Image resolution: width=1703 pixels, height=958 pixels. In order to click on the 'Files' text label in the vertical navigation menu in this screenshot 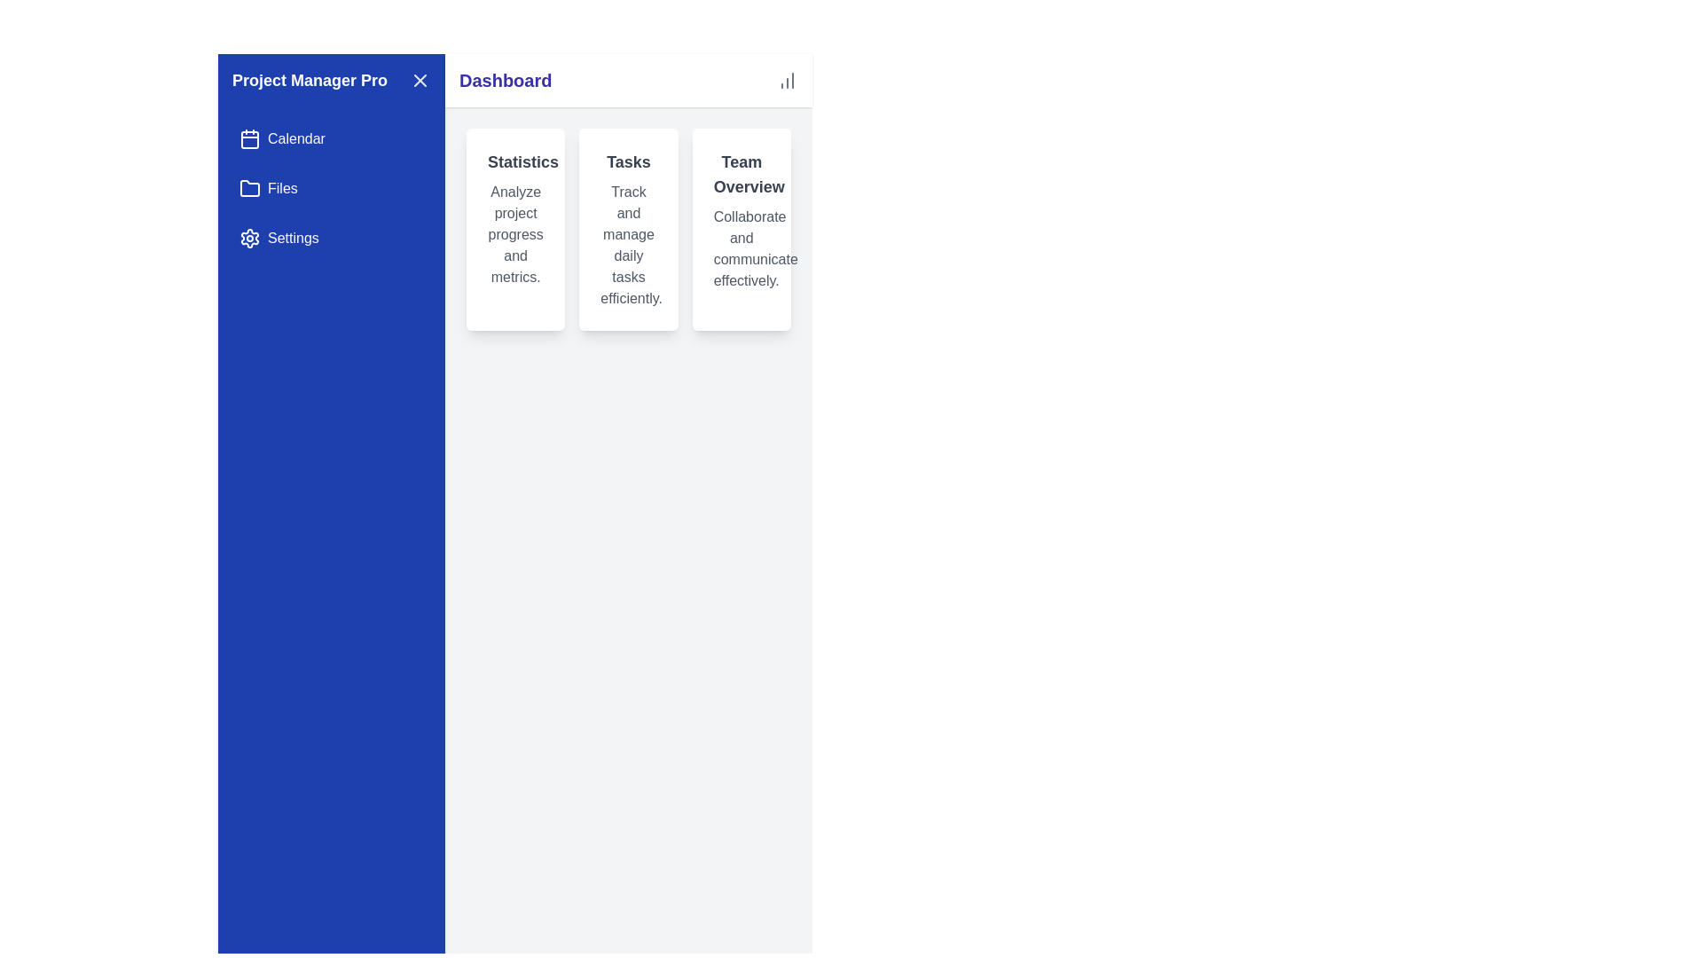, I will do `click(281, 188)`.